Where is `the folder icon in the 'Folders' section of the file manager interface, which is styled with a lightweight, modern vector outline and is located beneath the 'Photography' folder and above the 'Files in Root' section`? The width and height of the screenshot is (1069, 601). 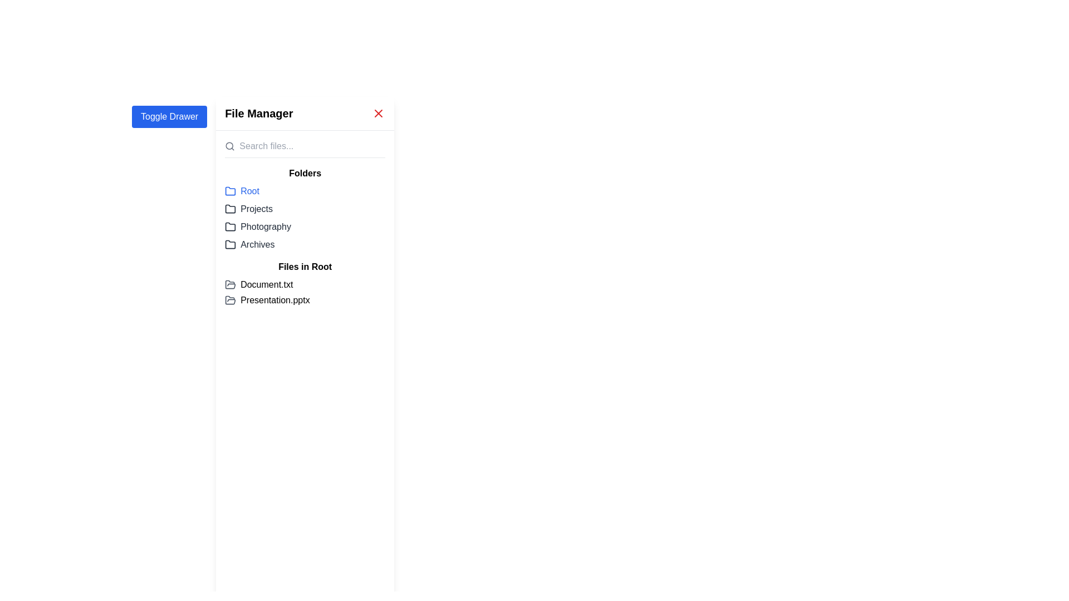 the folder icon in the 'Folders' section of the file manager interface, which is styled with a lightweight, modern vector outline and is located beneath the 'Photography' folder and above the 'Files in Root' section is located at coordinates (230, 244).